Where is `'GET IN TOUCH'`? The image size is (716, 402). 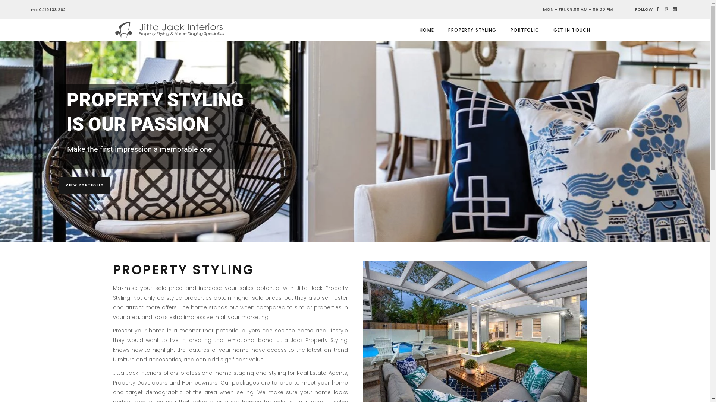 'GET IN TOUCH' is located at coordinates (571, 29).